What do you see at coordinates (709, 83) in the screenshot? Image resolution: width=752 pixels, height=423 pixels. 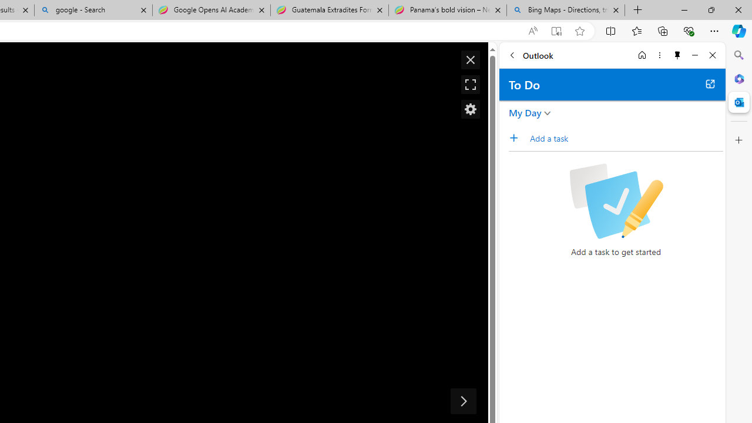 I see `'Open in new tab'` at bounding box center [709, 83].